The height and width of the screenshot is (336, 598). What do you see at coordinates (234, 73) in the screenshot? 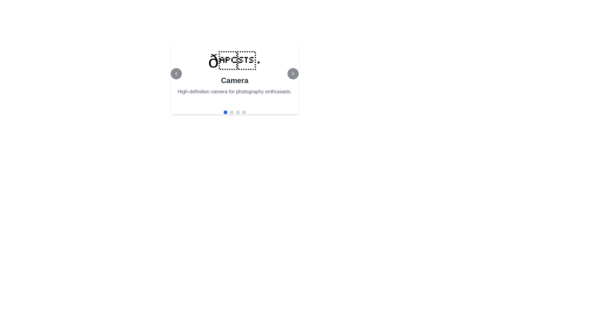
I see `information displayed in the Information Display Box that features a camera emoji, bold title 'Camera', and a description about a high-definition camera for photography enthusiasts` at bounding box center [234, 73].